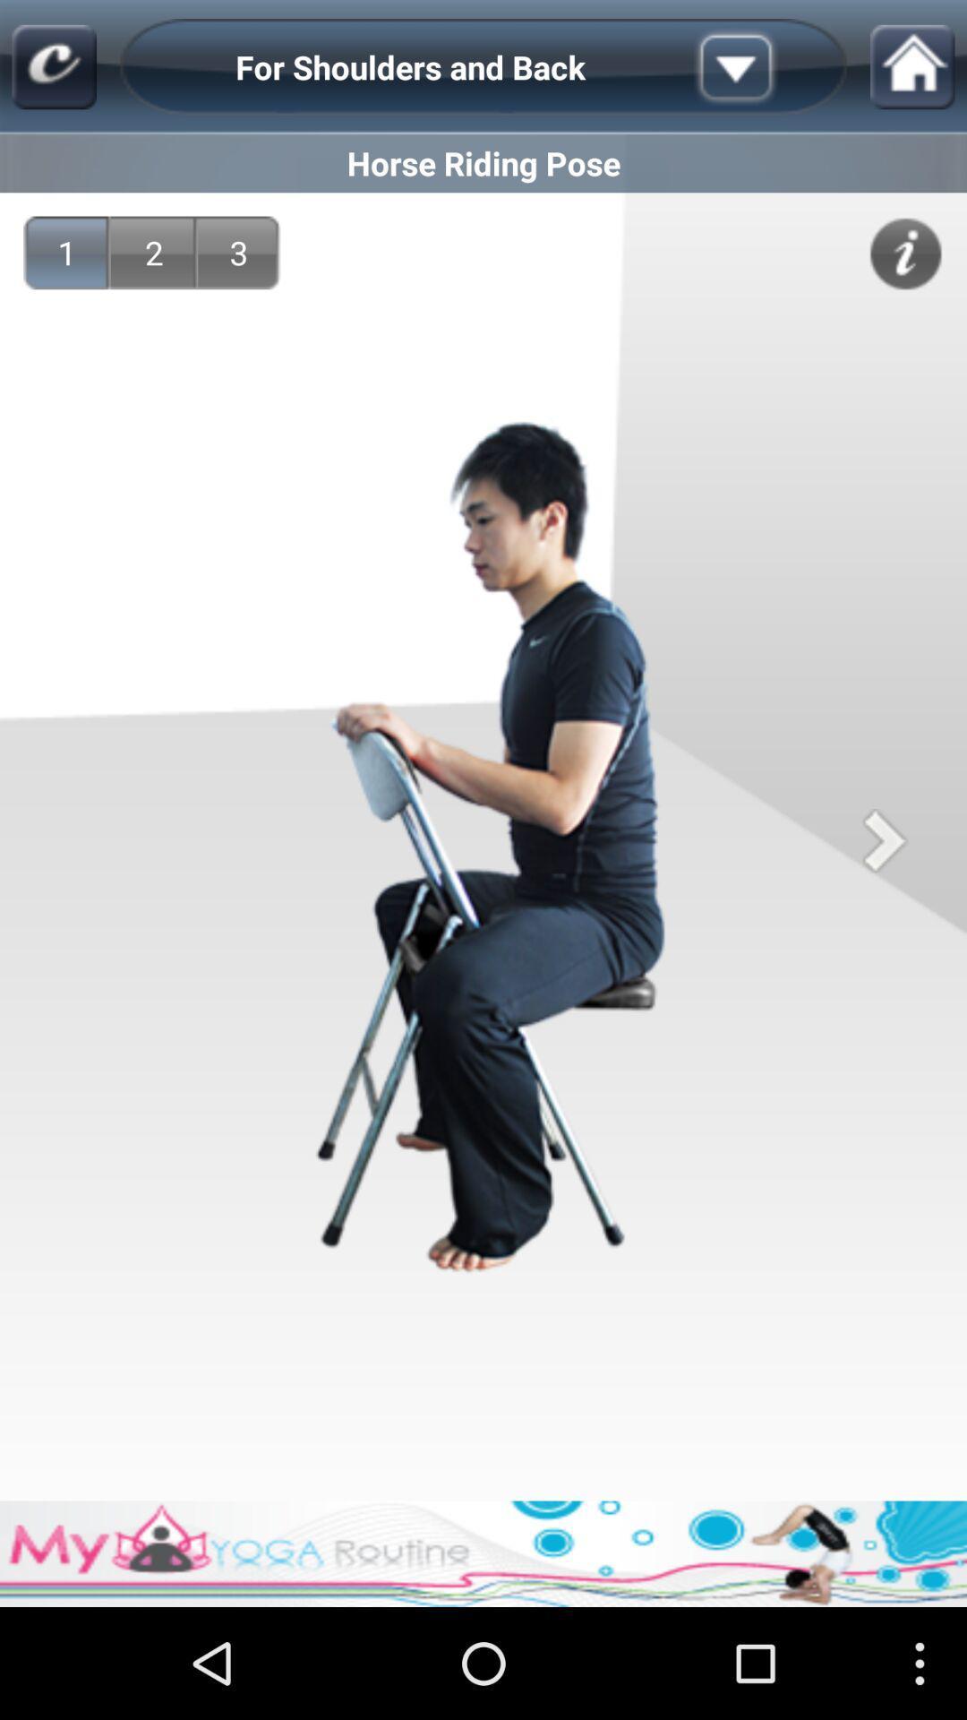  What do you see at coordinates (153, 252) in the screenshot?
I see `app below horse riding pose icon` at bounding box center [153, 252].